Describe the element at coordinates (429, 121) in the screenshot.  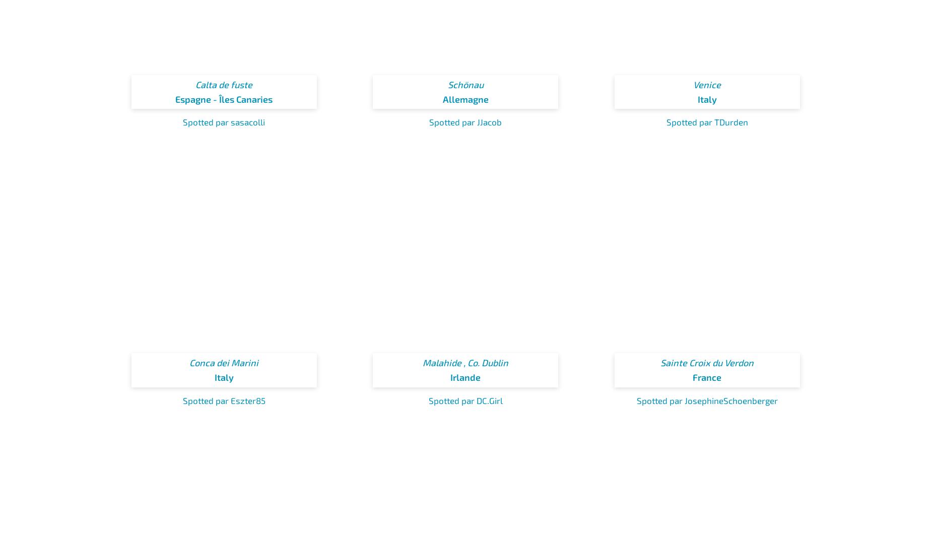
I see `'Spotted par JJacob'` at that location.